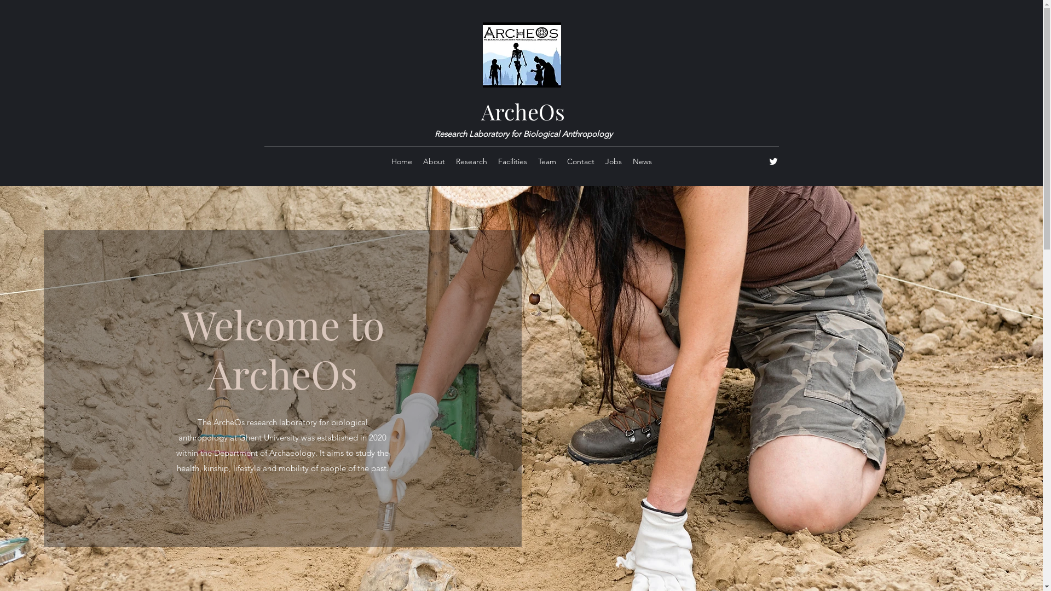  Describe the element at coordinates (599, 161) in the screenshot. I see `'Jobs'` at that location.